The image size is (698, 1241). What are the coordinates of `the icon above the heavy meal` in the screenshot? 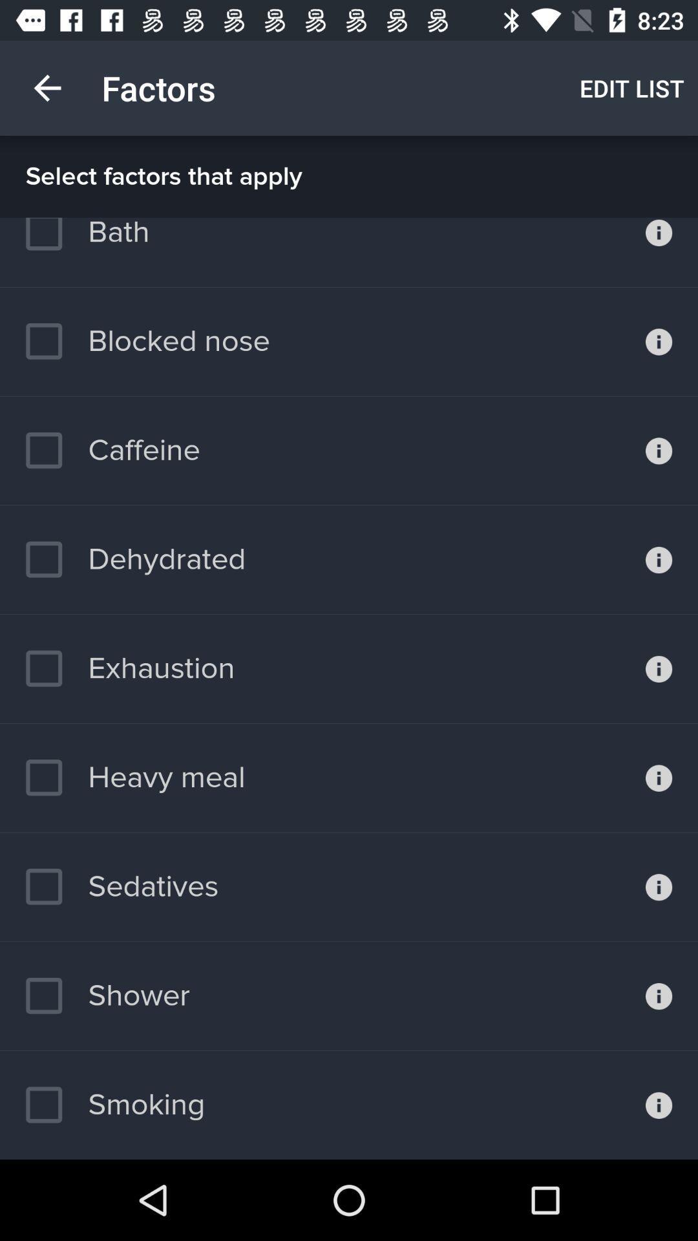 It's located at (130, 668).